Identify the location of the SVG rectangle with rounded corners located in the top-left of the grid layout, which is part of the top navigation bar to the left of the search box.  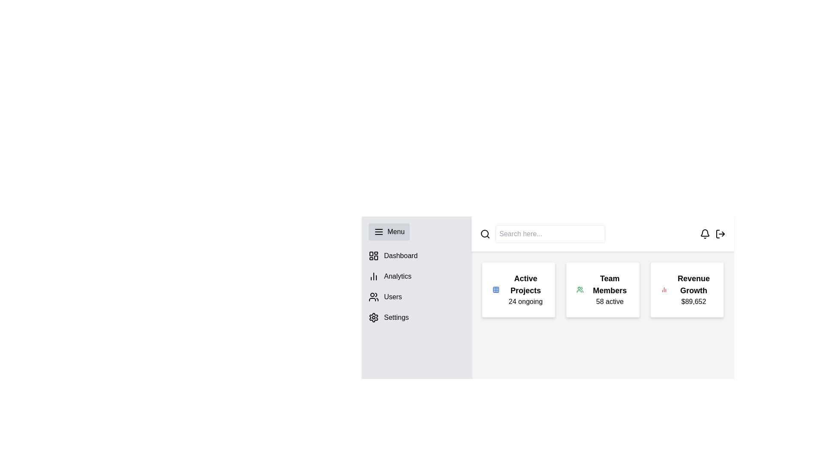
(496, 289).